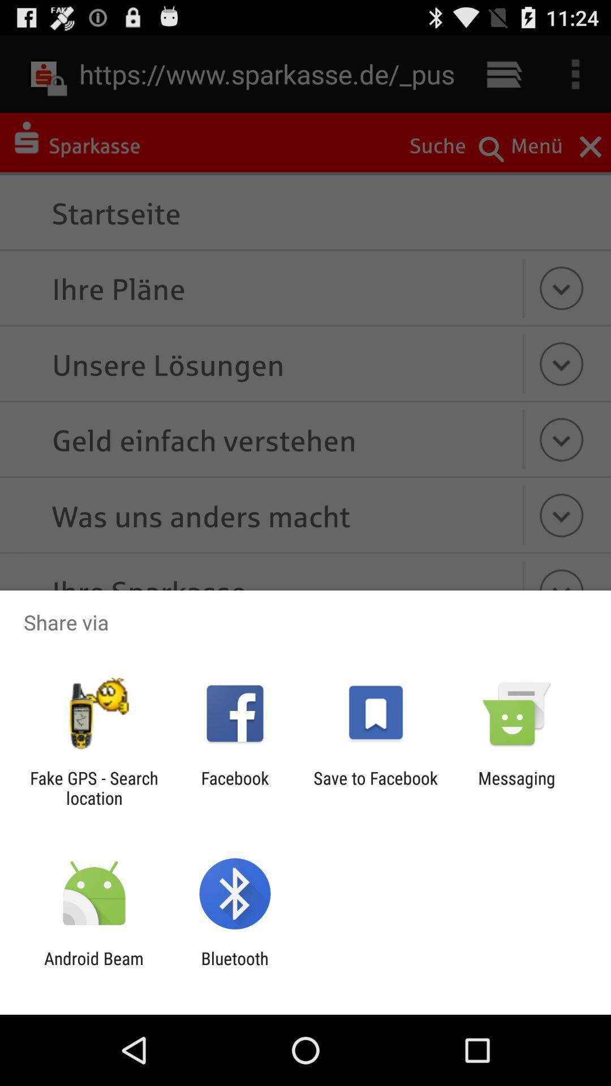 Image resolution: width=611 pixels, height=1086 pixels. Describe the element at coordinates (234, 968) in the screenshot. I see `the item to the right of android beam app` at that location.